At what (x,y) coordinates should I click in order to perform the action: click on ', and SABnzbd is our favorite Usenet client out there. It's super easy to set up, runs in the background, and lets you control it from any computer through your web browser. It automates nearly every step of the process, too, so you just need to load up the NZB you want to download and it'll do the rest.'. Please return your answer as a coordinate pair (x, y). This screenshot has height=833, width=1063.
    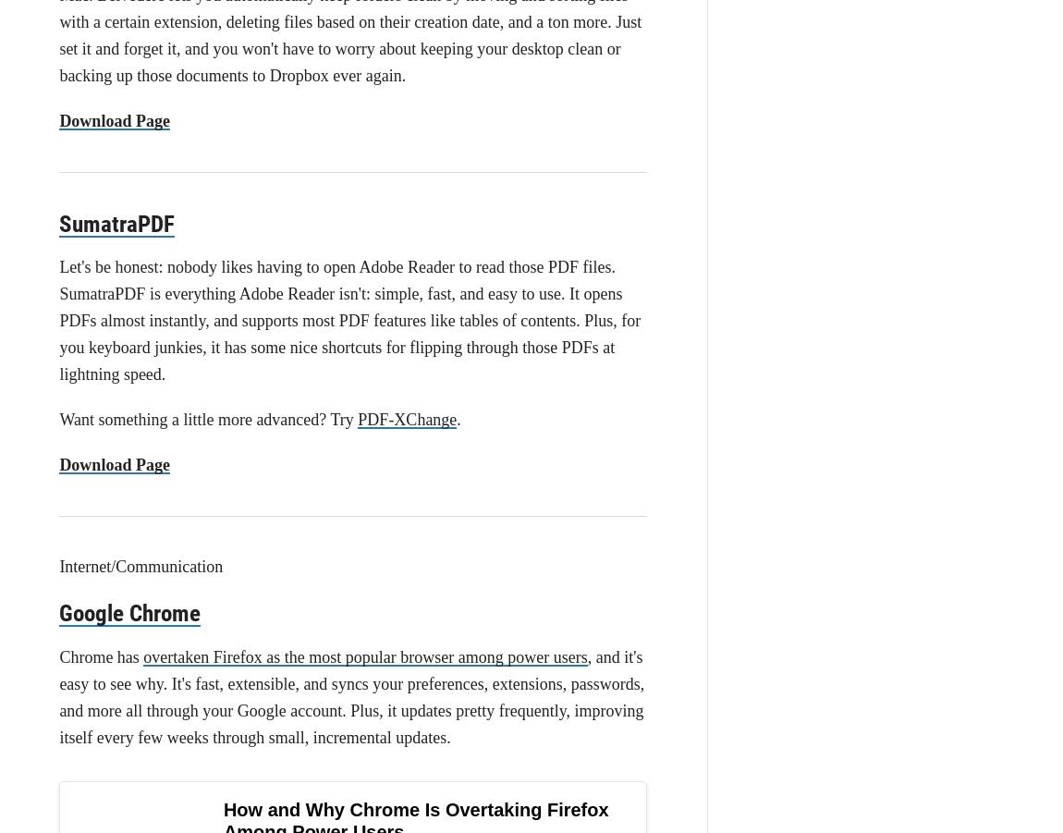
    Looking at the image, I should click on (352, 700).